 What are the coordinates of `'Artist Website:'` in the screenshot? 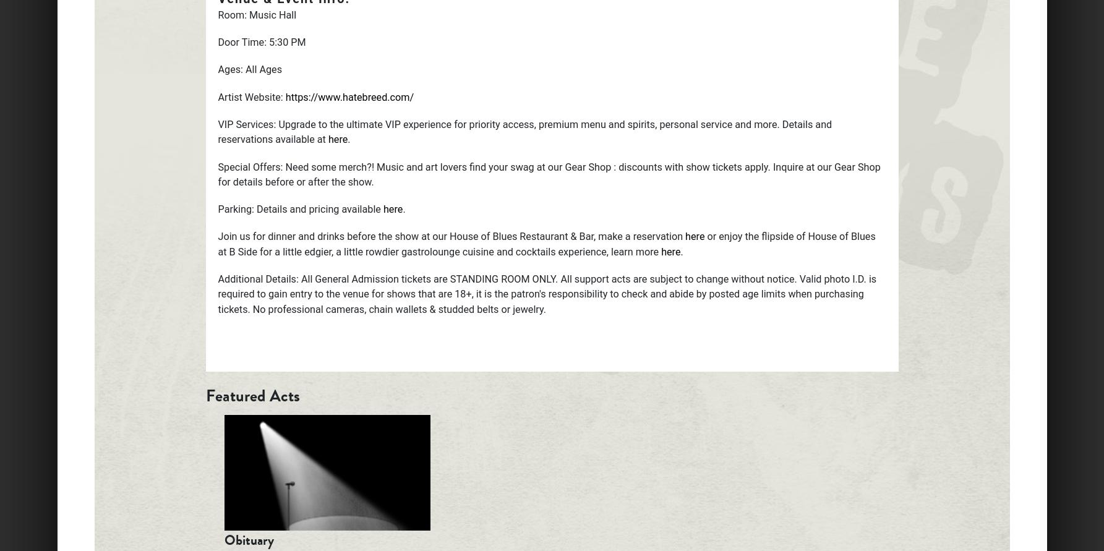 It's located at (250, 96).